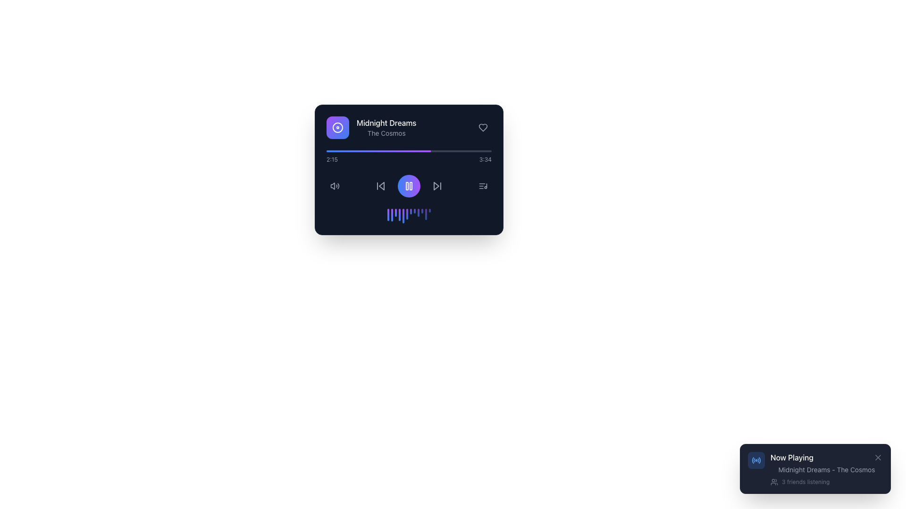 The height and width of the screenshot is (509, 906). What do you see at coordinates (826, 482) in the screenshot?
I see `the informational label indicating the number of friends (3) listening to music, located at the bottom of the notification-style panel` at bounding box center [826, 482].